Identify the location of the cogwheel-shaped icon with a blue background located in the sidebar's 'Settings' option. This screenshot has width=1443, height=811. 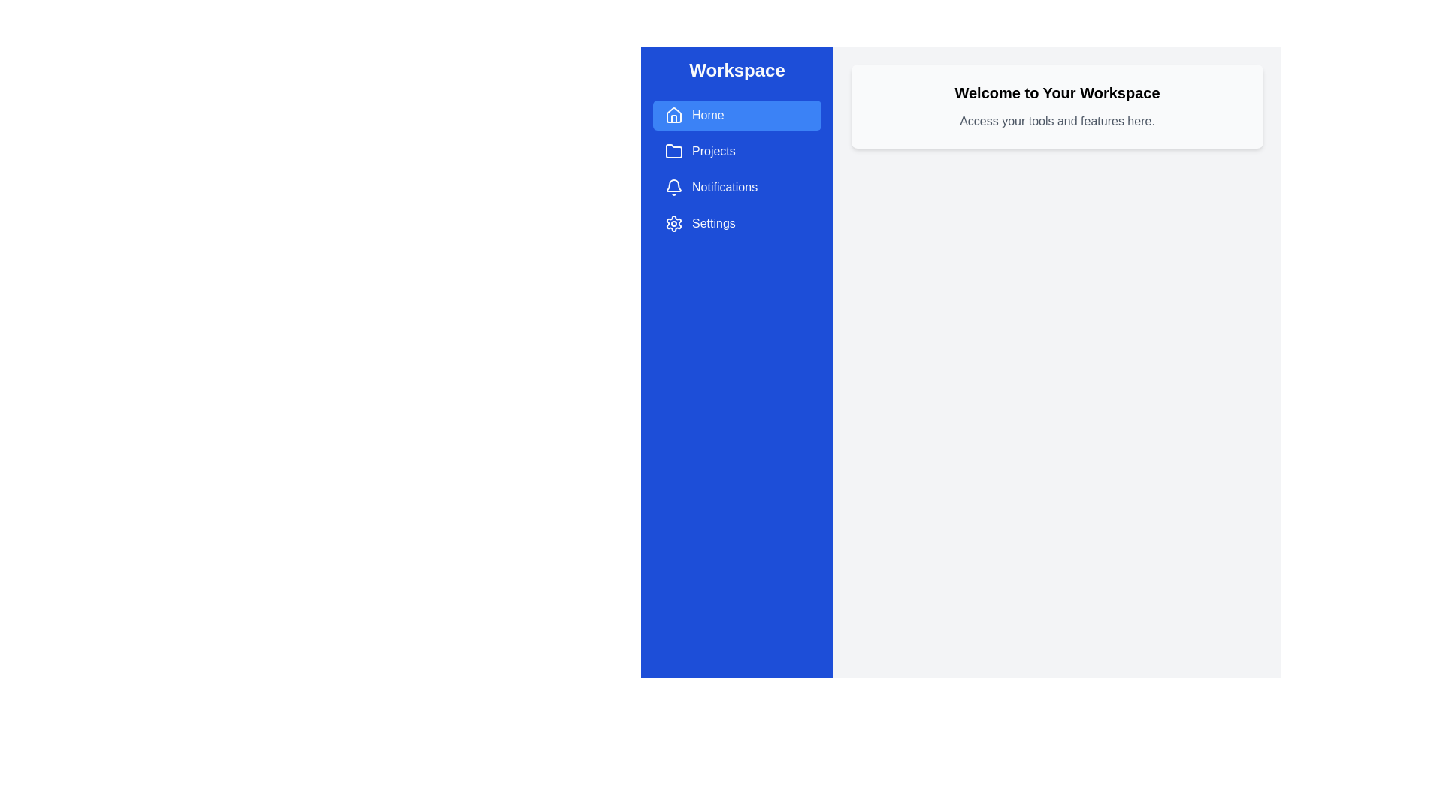
(673, 223).